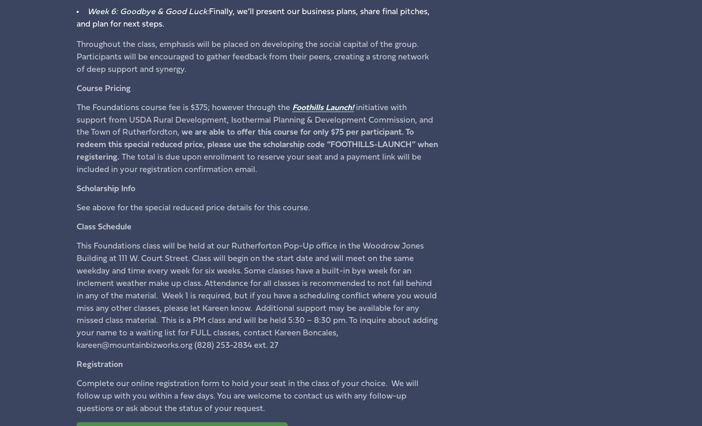 The height and width of the screenshot is (426, 702). I want to click on 'Course Pricing', so click(103, 88).